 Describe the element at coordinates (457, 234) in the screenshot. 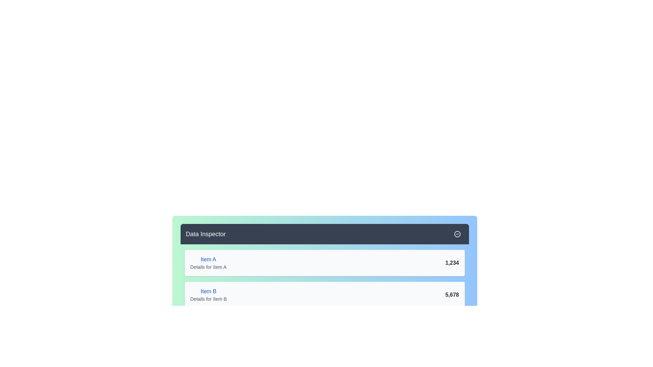

I see `the circular minus button located at the far right of the 'Data Inspector' header bar` at that location.